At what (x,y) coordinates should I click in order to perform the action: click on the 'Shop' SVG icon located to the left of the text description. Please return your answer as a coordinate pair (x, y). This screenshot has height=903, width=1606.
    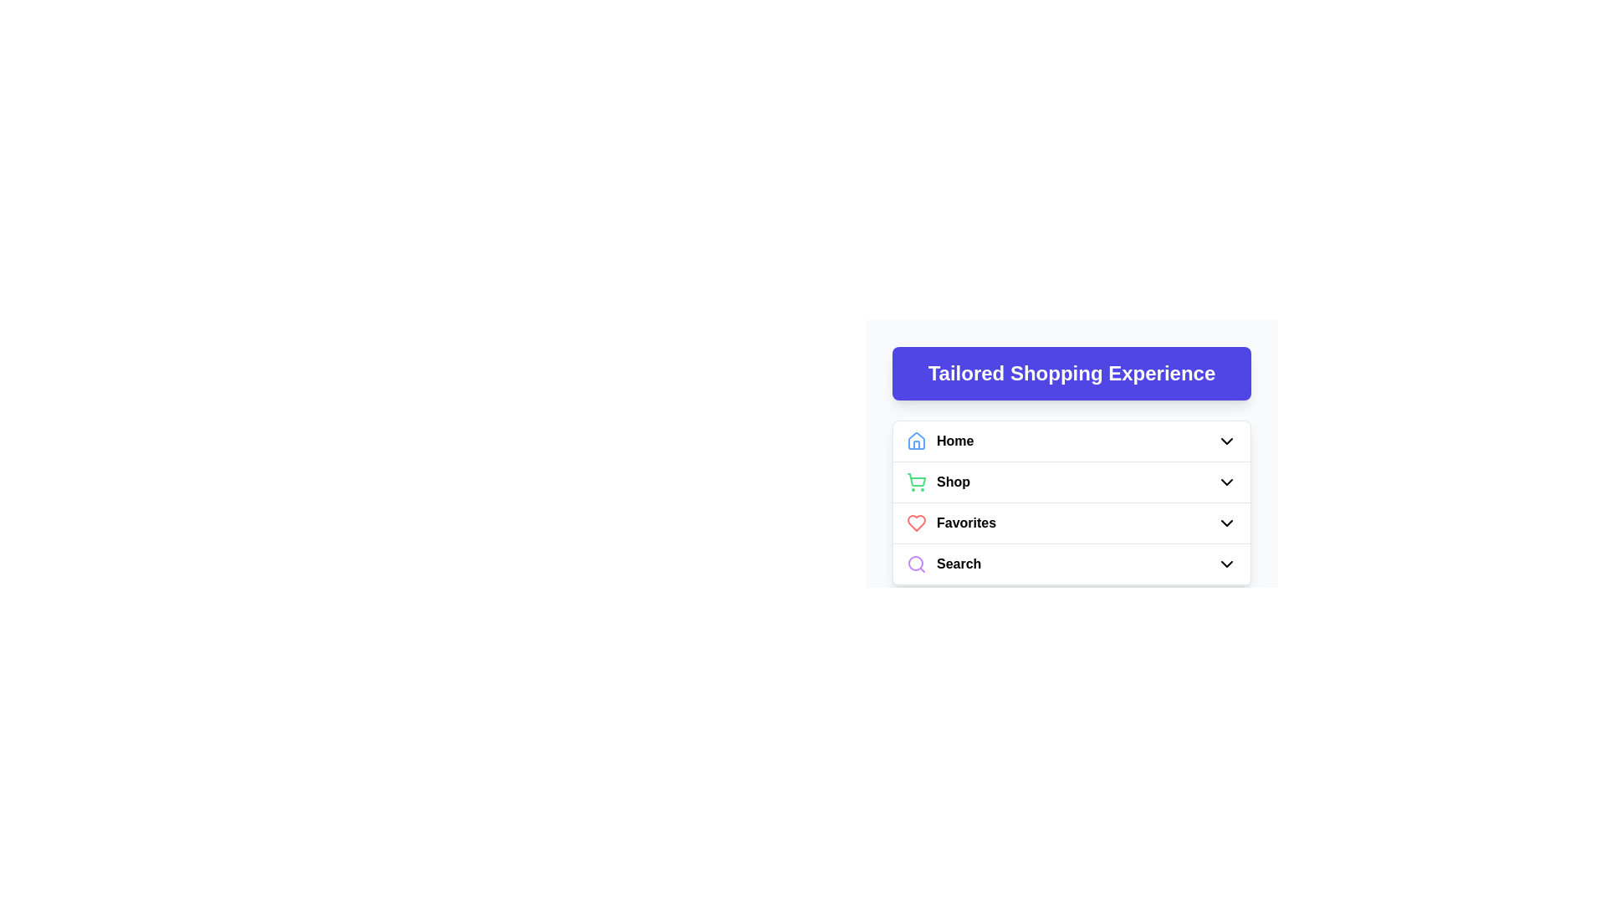
    Looking at the image, I should click on (915, 482).